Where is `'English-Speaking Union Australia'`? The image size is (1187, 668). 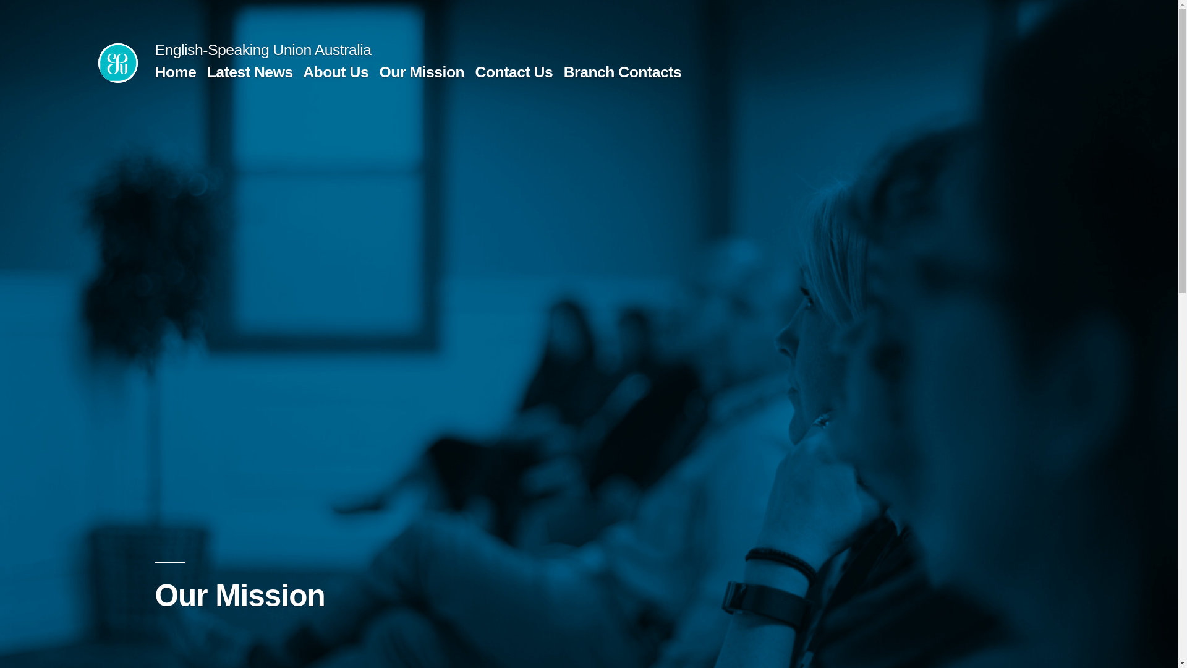
'English-Speaking Union Australia' is located at coordinates (262, 49).